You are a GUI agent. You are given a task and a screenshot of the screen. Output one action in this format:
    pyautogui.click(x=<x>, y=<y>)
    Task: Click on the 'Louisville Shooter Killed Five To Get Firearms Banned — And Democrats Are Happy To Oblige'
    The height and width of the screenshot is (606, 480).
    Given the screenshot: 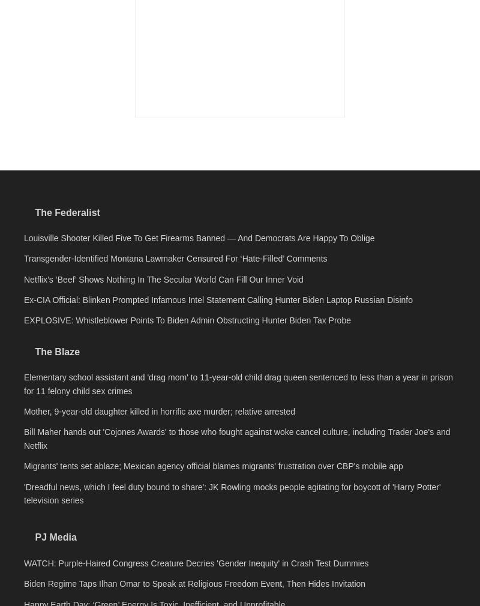 What is the action you would take?
    pyautogui.click(x=199, y=406)
    